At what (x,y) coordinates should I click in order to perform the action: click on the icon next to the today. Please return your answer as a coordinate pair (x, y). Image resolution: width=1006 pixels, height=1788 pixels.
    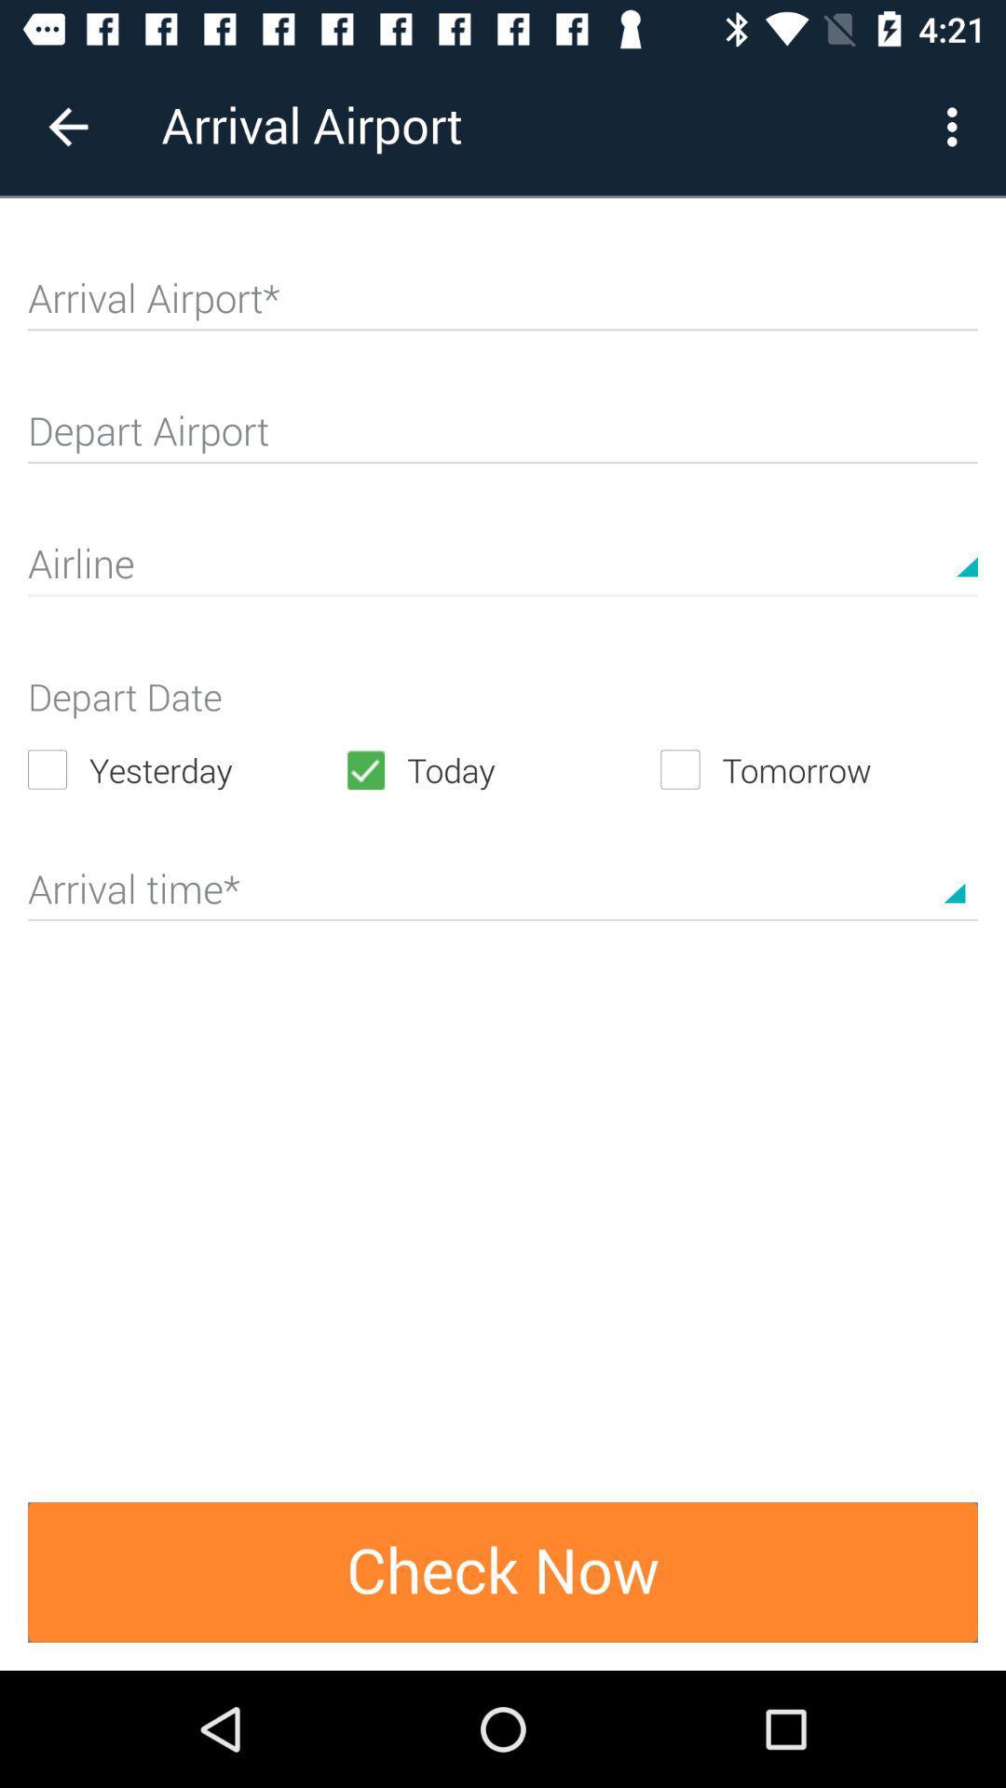
    Looking at the image, I should click on (818, 769).